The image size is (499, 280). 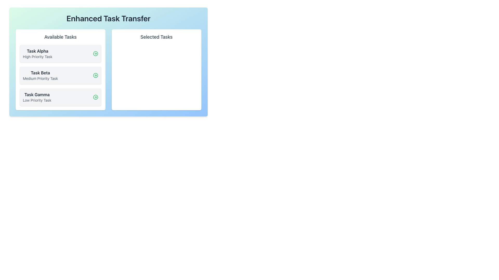 What do you see at coordinates (37, 100) in the screenshot?
I see `the static text label providing additional descriptive information about 'Task Gamma', which indicates its priority level` at bounding box center [37, 100].